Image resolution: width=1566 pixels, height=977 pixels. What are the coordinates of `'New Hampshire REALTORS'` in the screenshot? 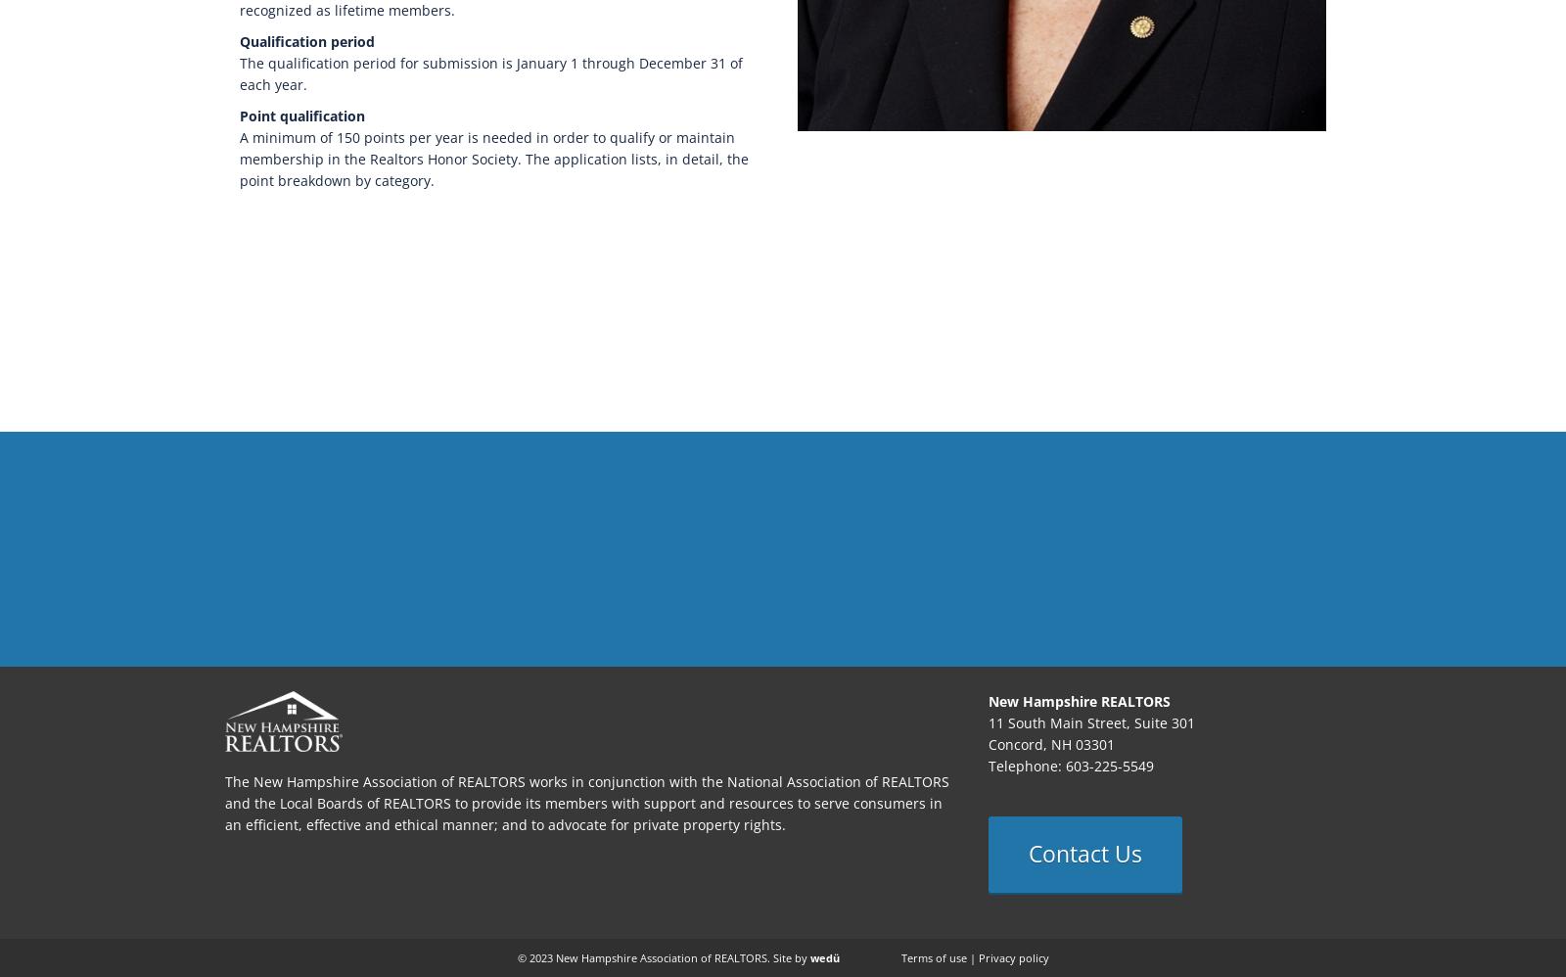 It's located at (1080, 701).